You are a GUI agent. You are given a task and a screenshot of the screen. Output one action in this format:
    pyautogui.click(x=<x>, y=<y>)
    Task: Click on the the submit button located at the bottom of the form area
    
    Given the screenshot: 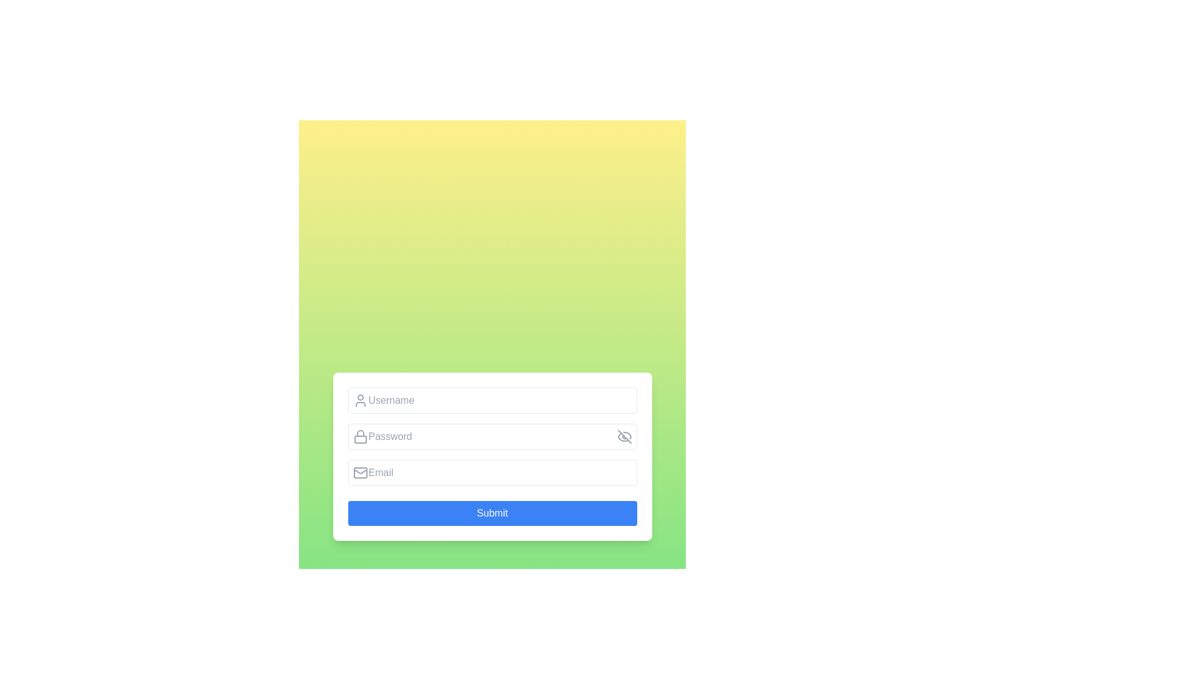 What is the action you would take?
    pyautogui.click(x=491, y=513)
    